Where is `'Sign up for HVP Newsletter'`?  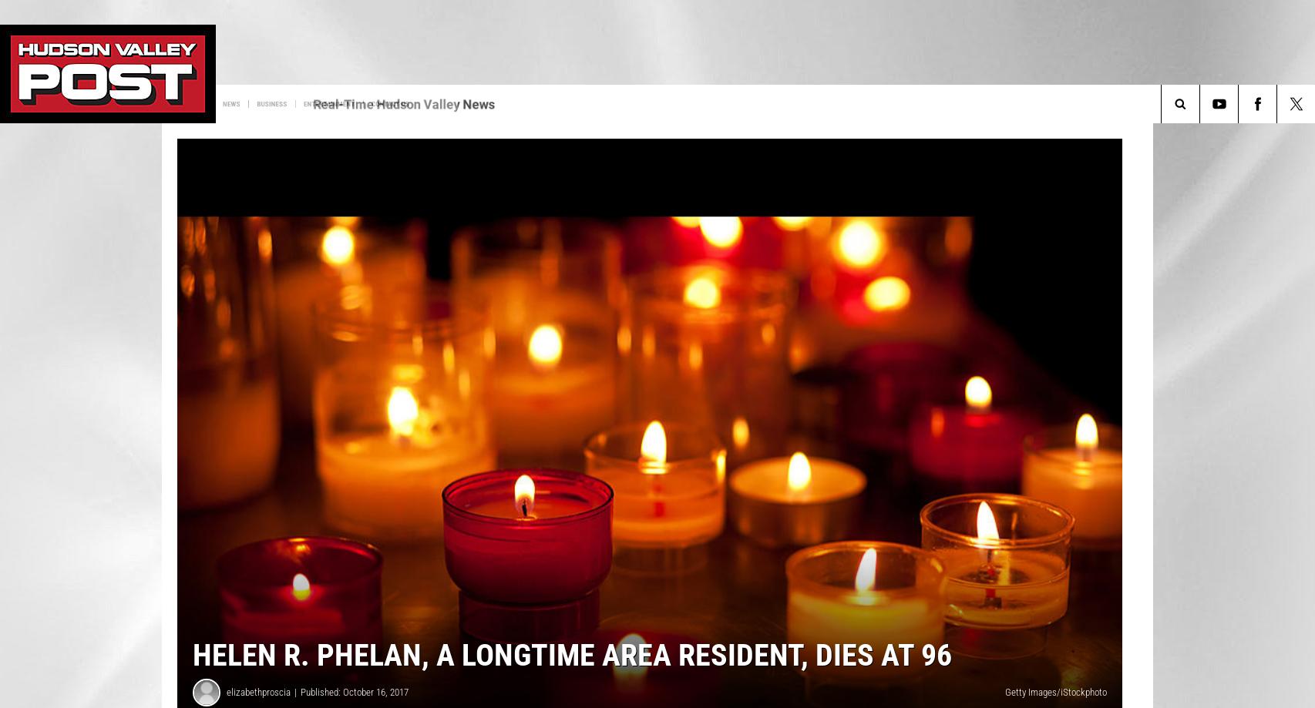 'Sign up for HVP Newsletter' is located at coordinates (288, 134).